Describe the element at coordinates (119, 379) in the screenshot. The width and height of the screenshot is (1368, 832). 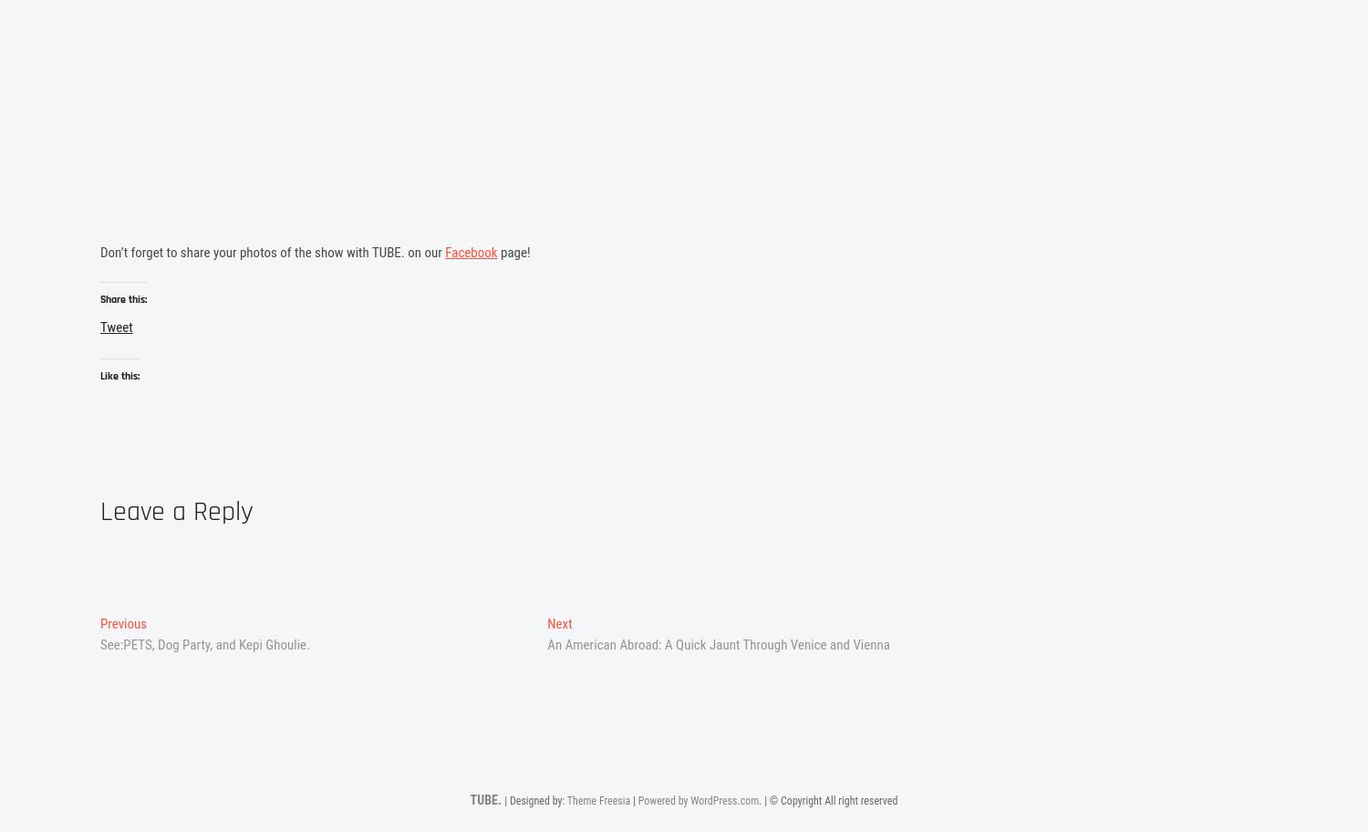
I see `'Like this:'` at that location.